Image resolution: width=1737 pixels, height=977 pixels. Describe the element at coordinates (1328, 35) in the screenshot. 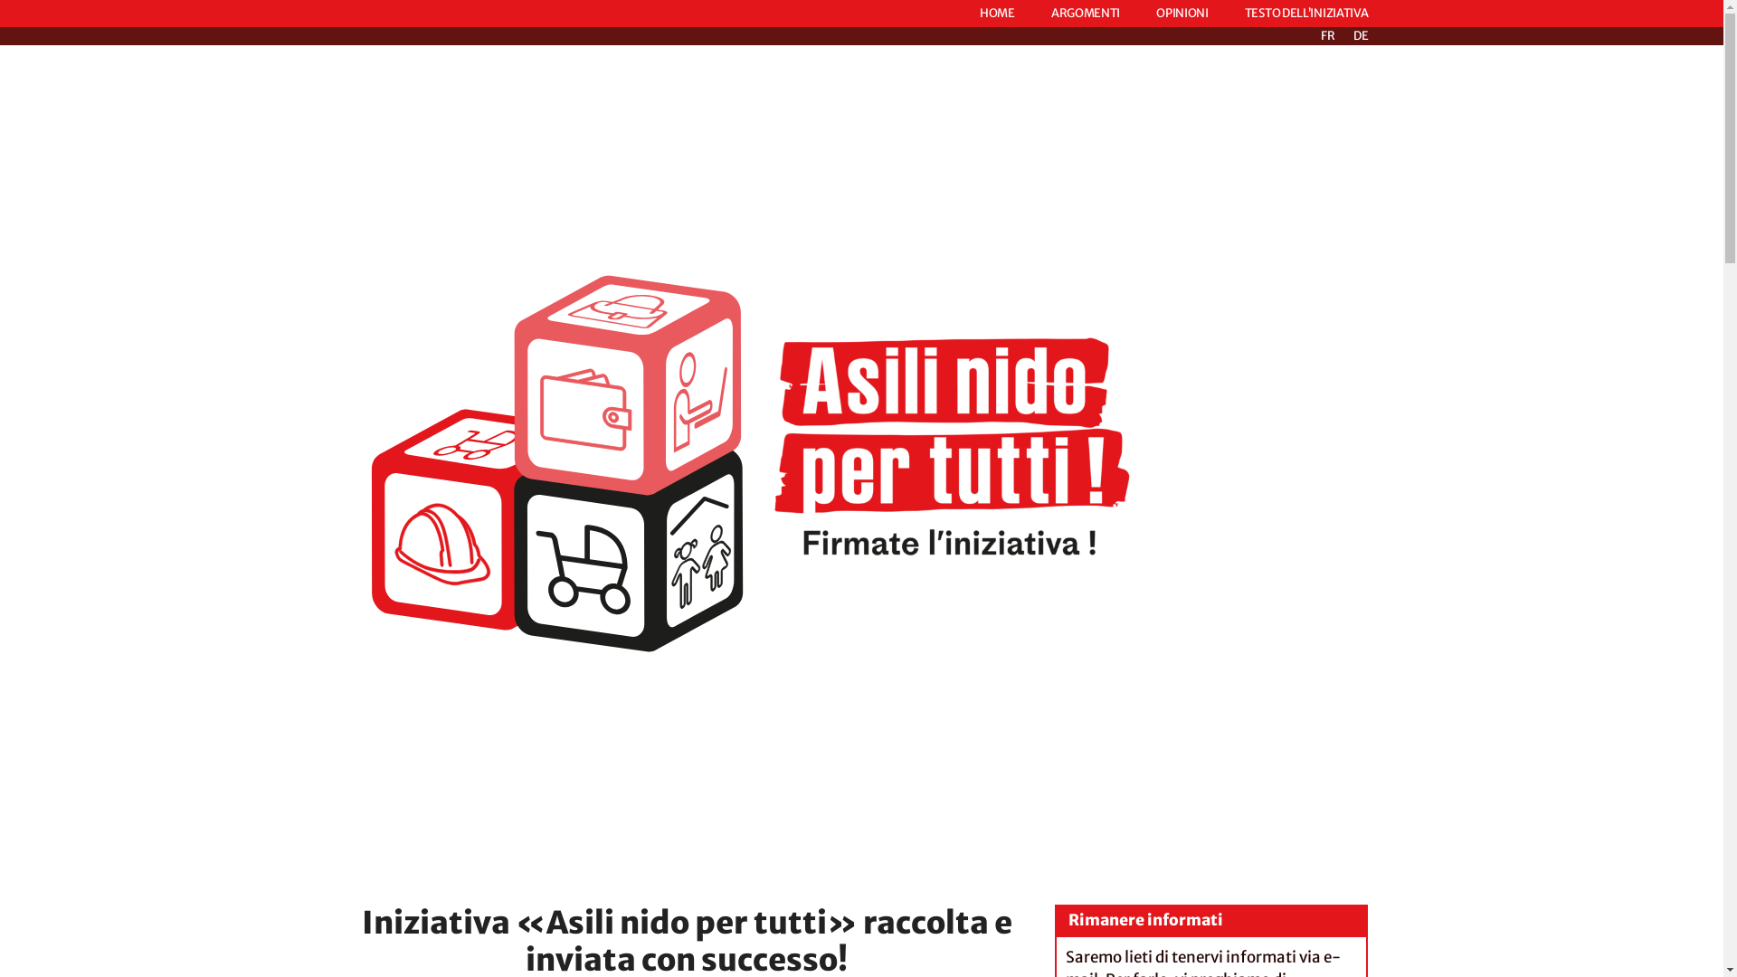

I see `'FR'` at that location.